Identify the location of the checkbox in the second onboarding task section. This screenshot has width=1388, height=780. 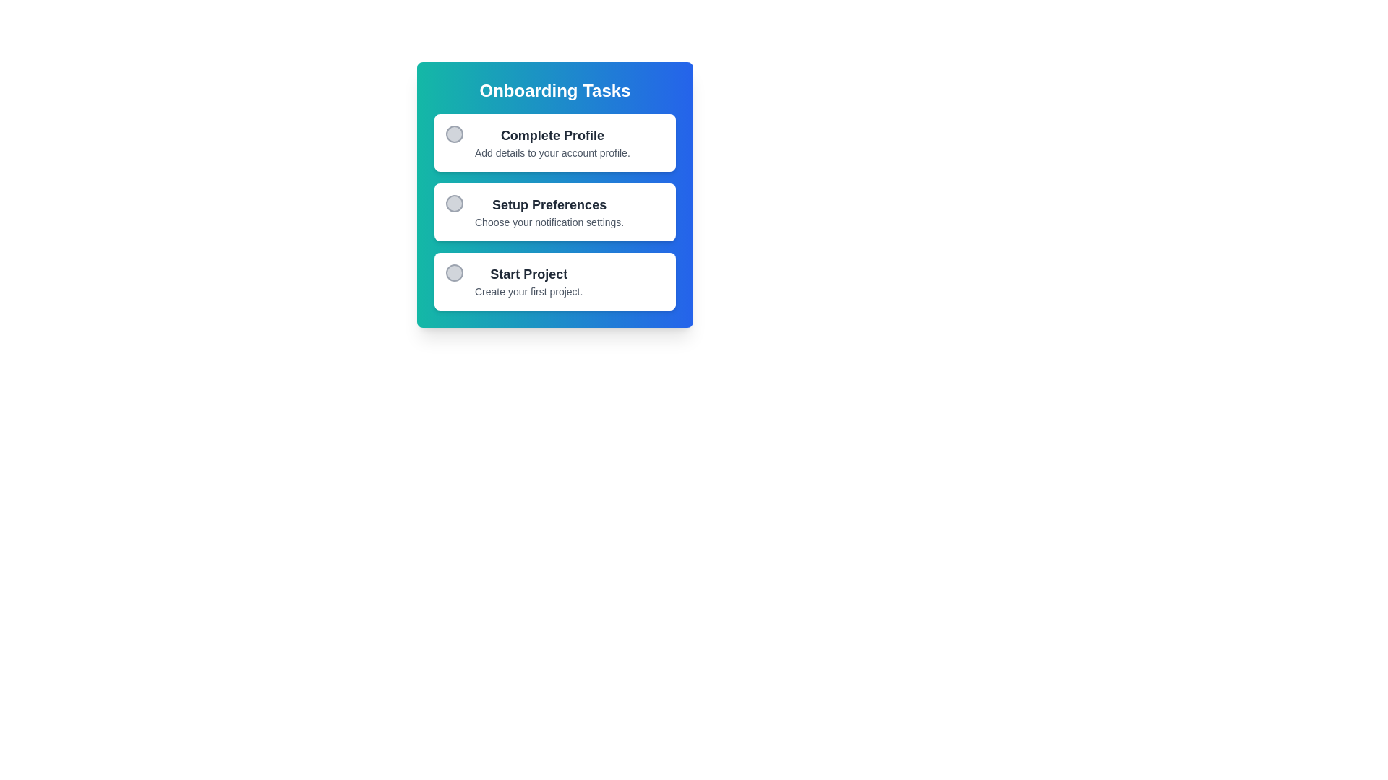
(554, 212).